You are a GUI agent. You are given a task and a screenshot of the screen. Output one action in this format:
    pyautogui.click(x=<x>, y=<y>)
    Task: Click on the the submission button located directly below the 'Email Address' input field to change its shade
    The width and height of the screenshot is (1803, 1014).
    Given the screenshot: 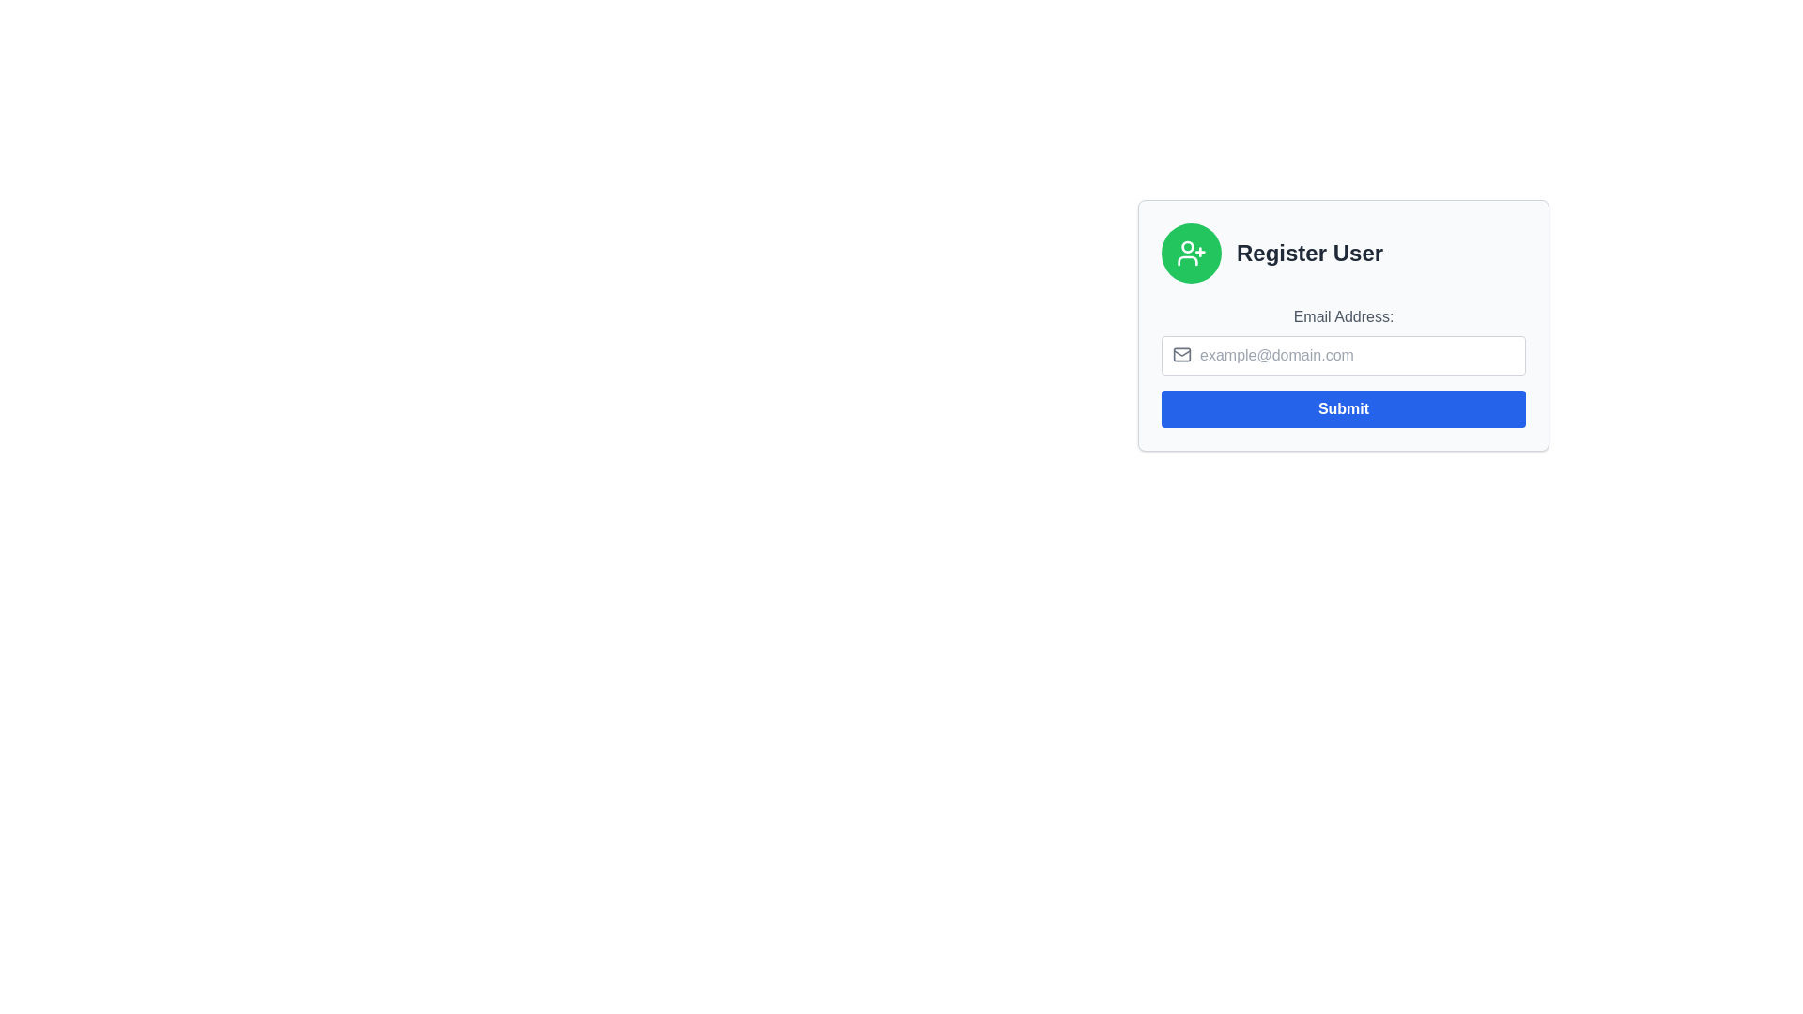 What is the action you would take?
    pyautogui.click(x=1342, y=407)
    